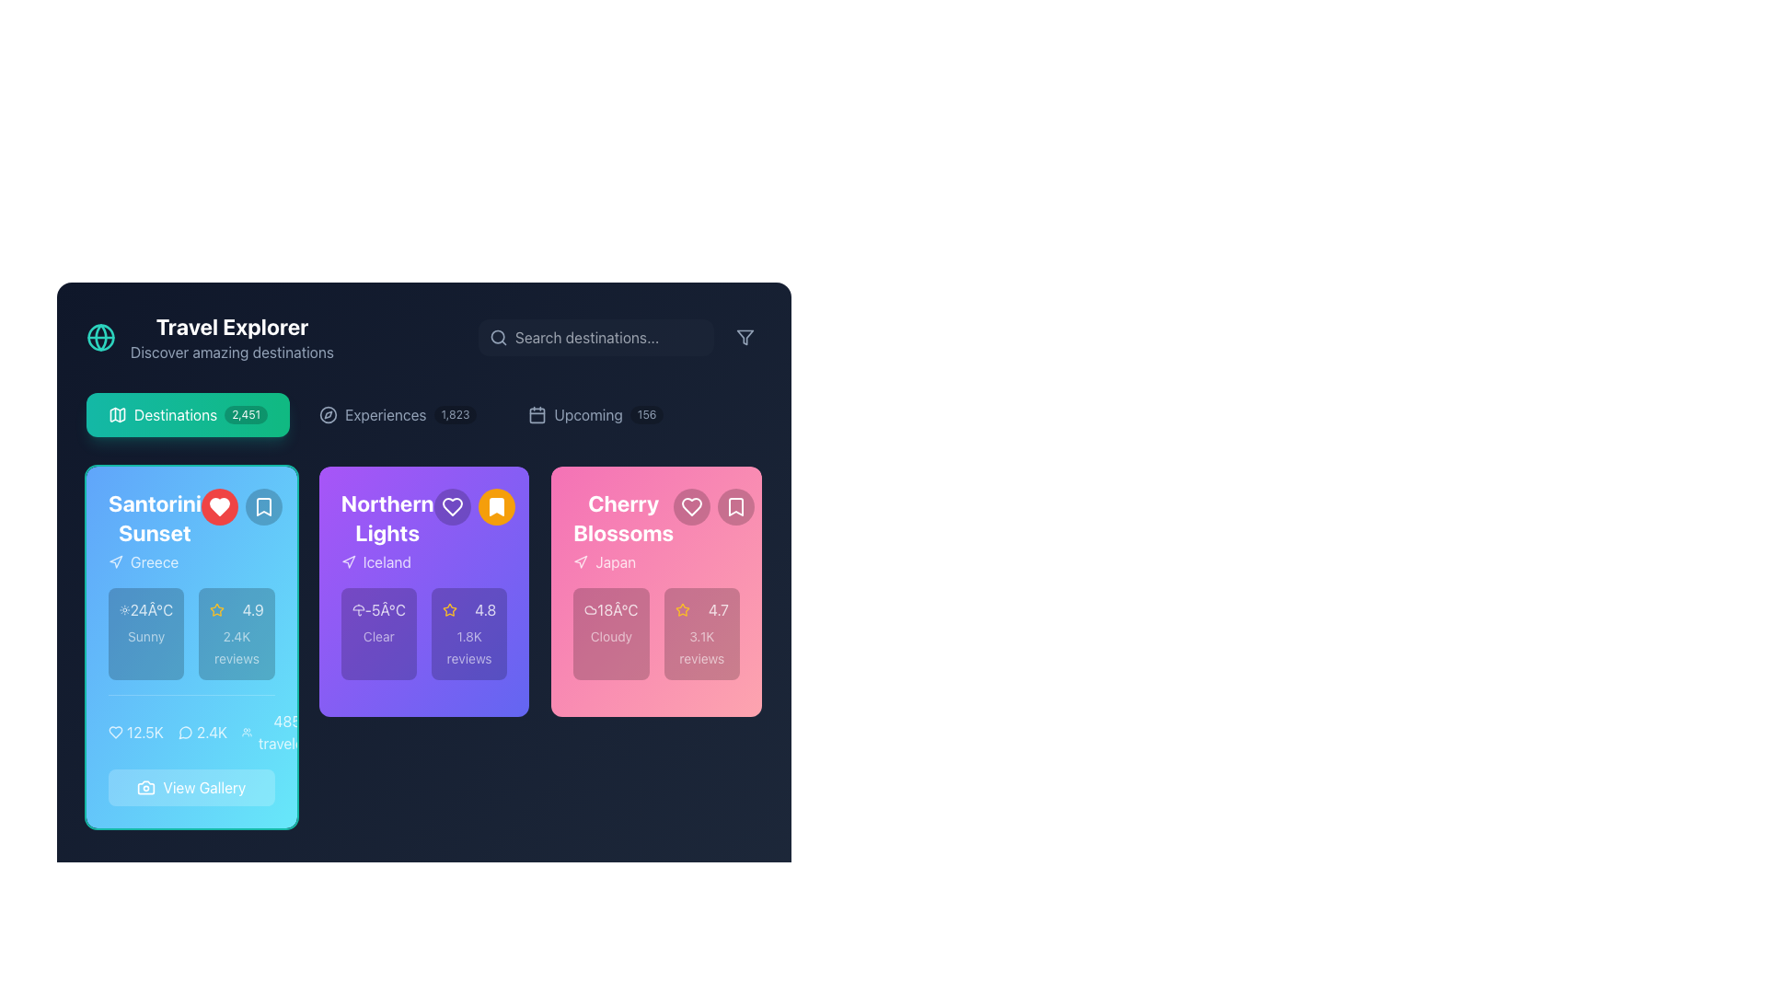 The width and height of the screenshot is (1767, 994). Describe the element at coordinates (681, 609) in the screenshot. I see `the rating value associated with the medium-sized golden amber-yellow star icon, which is the second from the left in the rating section of the 'Northern Lights' destination card` at that location.